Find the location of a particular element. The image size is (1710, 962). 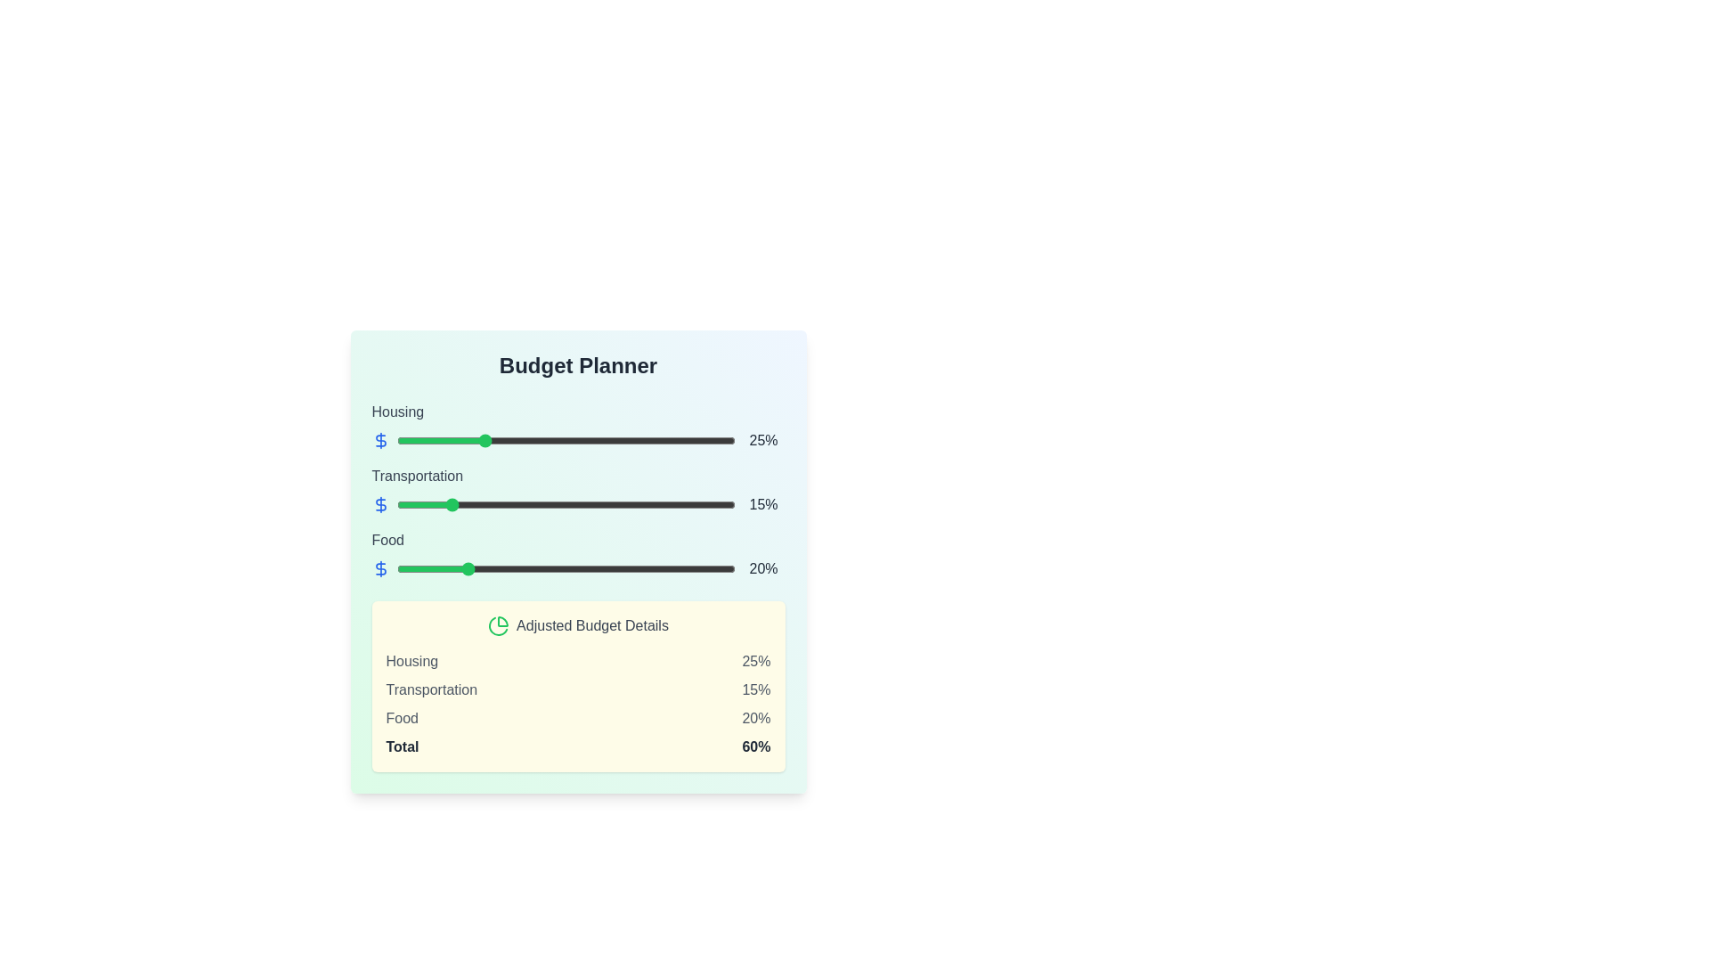

the housing budget slider is located at coordinates (468, 440).